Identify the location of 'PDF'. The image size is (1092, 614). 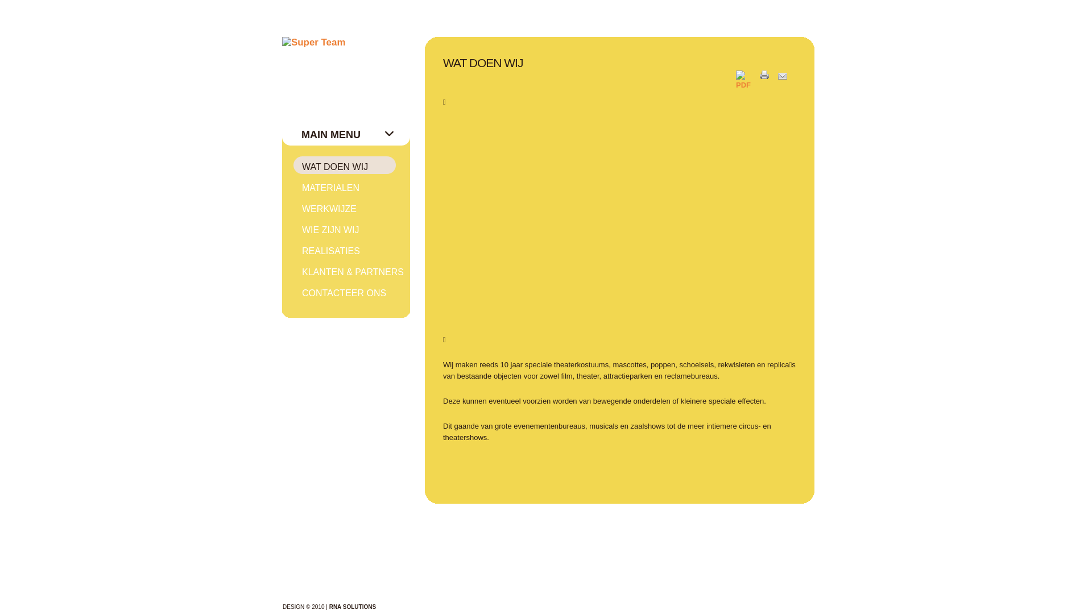
(736, 84).